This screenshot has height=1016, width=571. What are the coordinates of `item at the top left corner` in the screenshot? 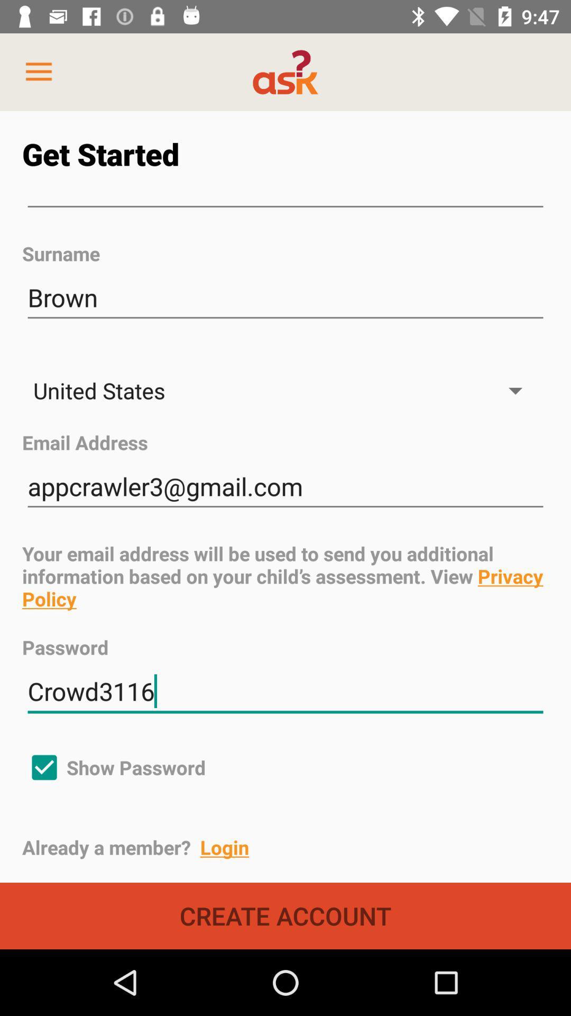 It's located at (38, 71).